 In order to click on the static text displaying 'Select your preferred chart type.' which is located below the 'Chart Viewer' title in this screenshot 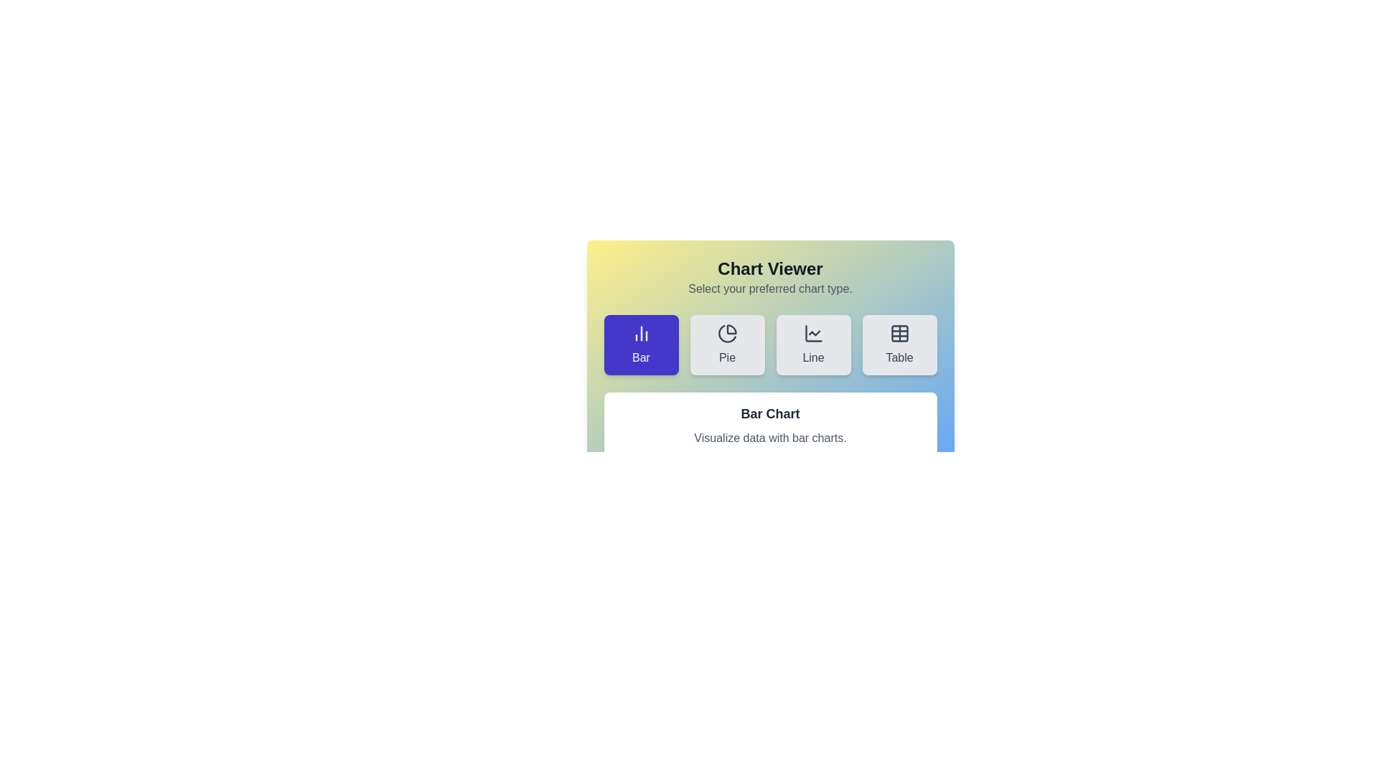, I will do `click(769, 288)`.